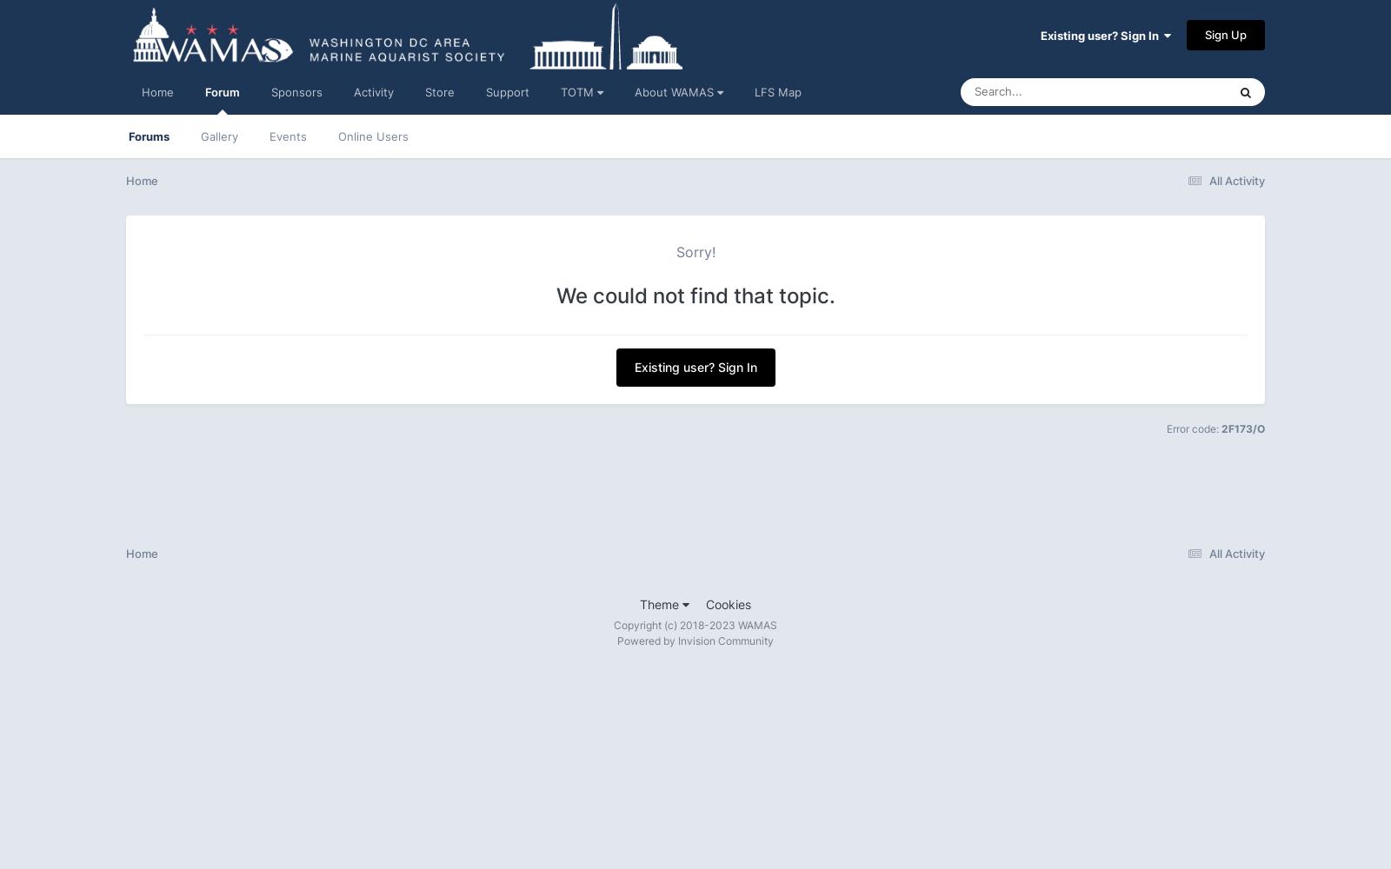 The height and width of the screenshot is (869, 1391). Describe the element at coordinates (373, 91) in the screenshot. I see `'Activity'` at that location.